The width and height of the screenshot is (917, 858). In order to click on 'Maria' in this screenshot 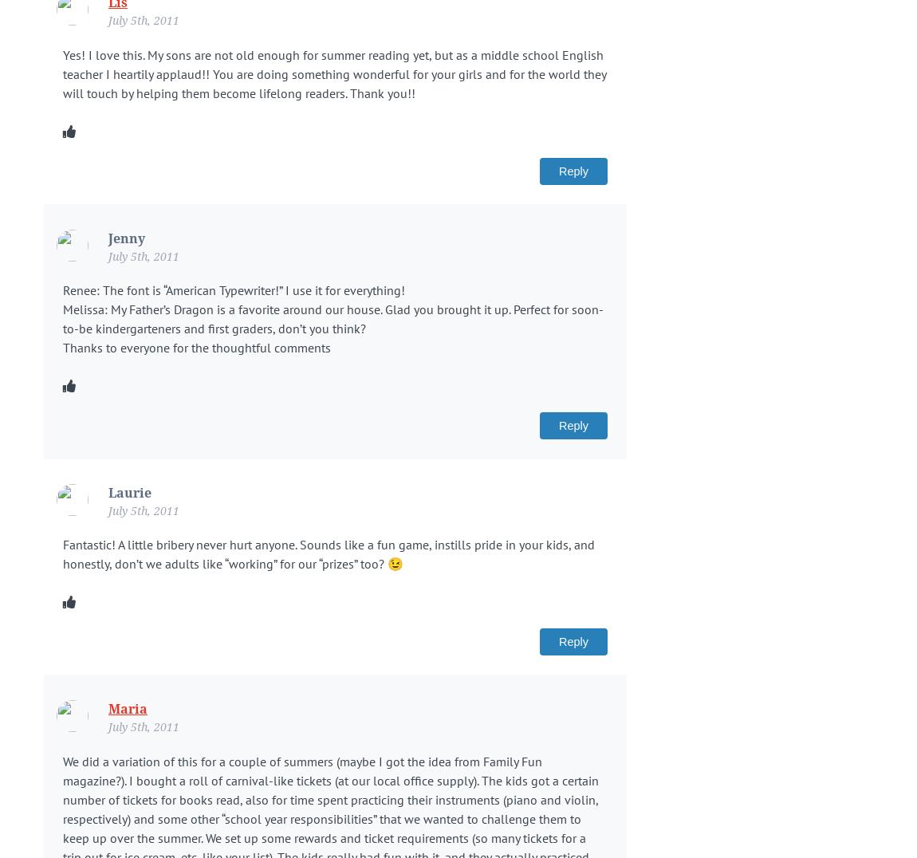, I will do `click(108, 709)`.